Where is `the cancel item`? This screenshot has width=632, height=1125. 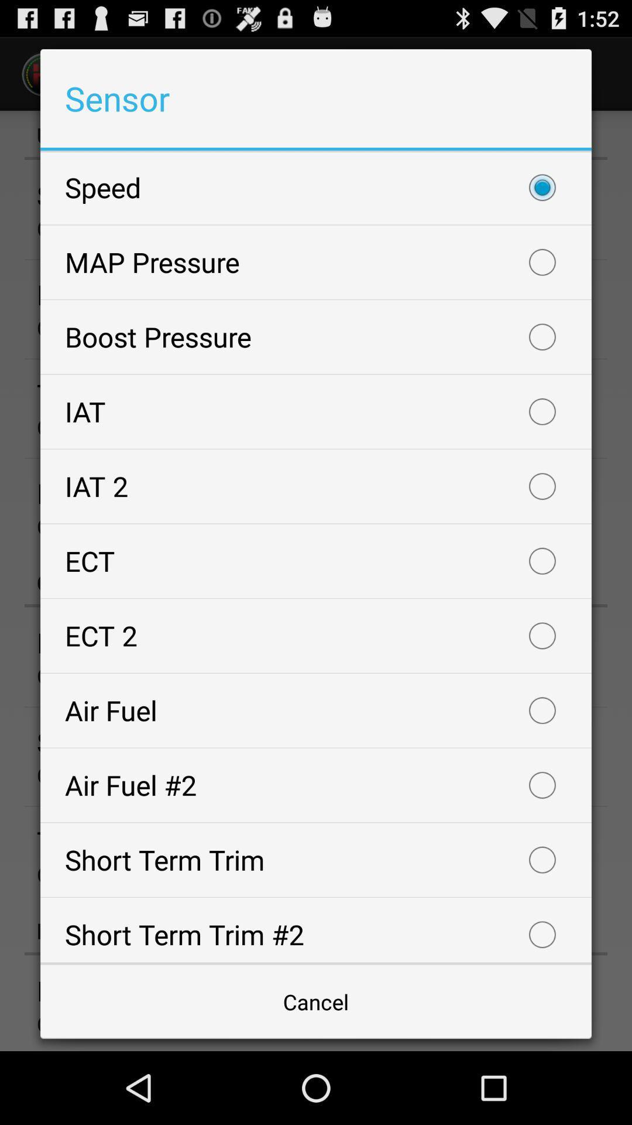
the cancel item is located at coordinates (316, 1001).